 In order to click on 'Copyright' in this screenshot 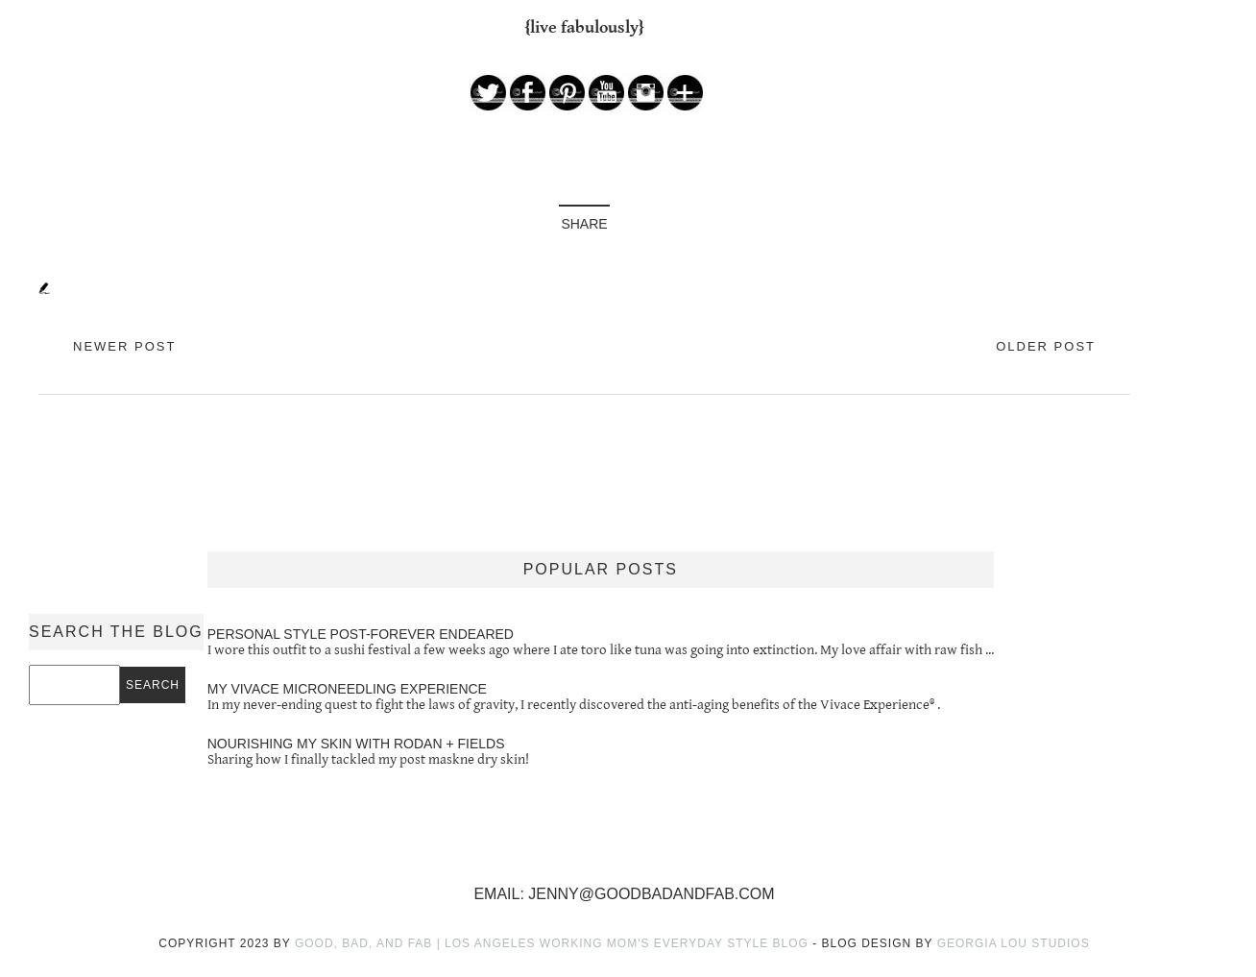, I will do `click(199, 943)`.